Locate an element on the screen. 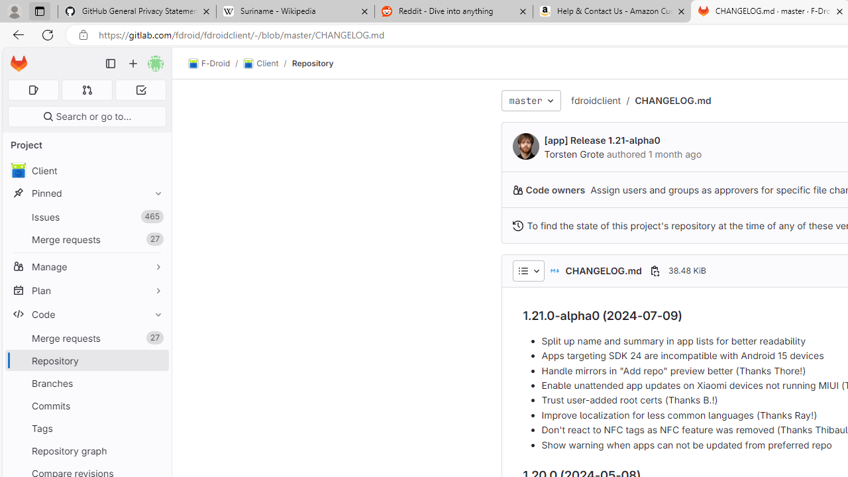 The image size is (848, 477). 'Merge requests 27' is located at coordinates (86, 337).